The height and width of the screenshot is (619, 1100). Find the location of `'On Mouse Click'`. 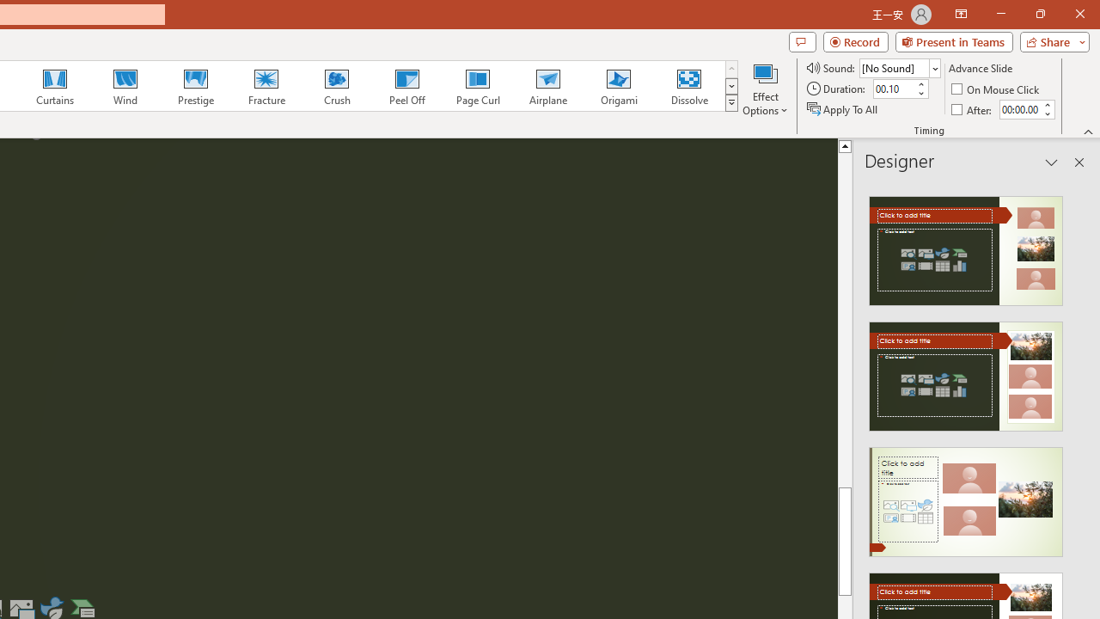

'On Mouse Click' is located at coordinates (996, 89).